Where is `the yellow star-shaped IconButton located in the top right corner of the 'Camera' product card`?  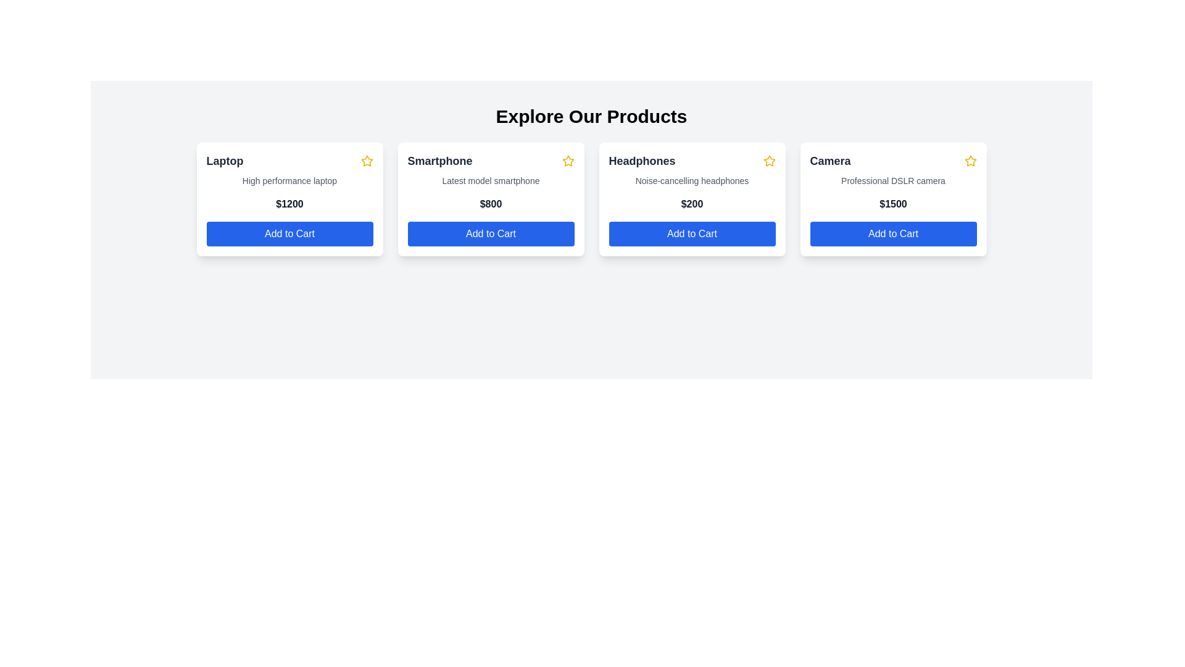
the yellow star-shaped IconButton located in the top right corner of the 'Camera' product card is located at coordinates (970, 160).